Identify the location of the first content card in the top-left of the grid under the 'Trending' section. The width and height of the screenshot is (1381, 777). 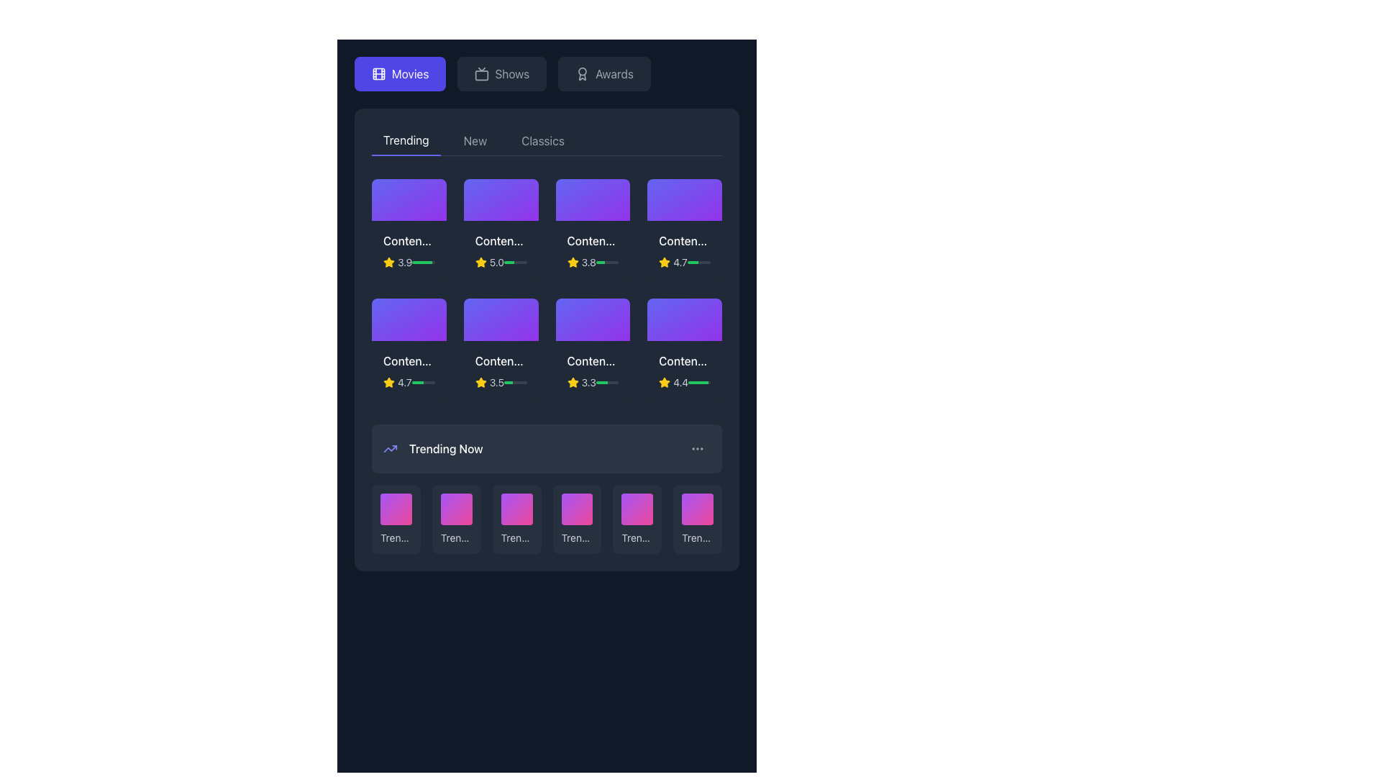
(408, 250).